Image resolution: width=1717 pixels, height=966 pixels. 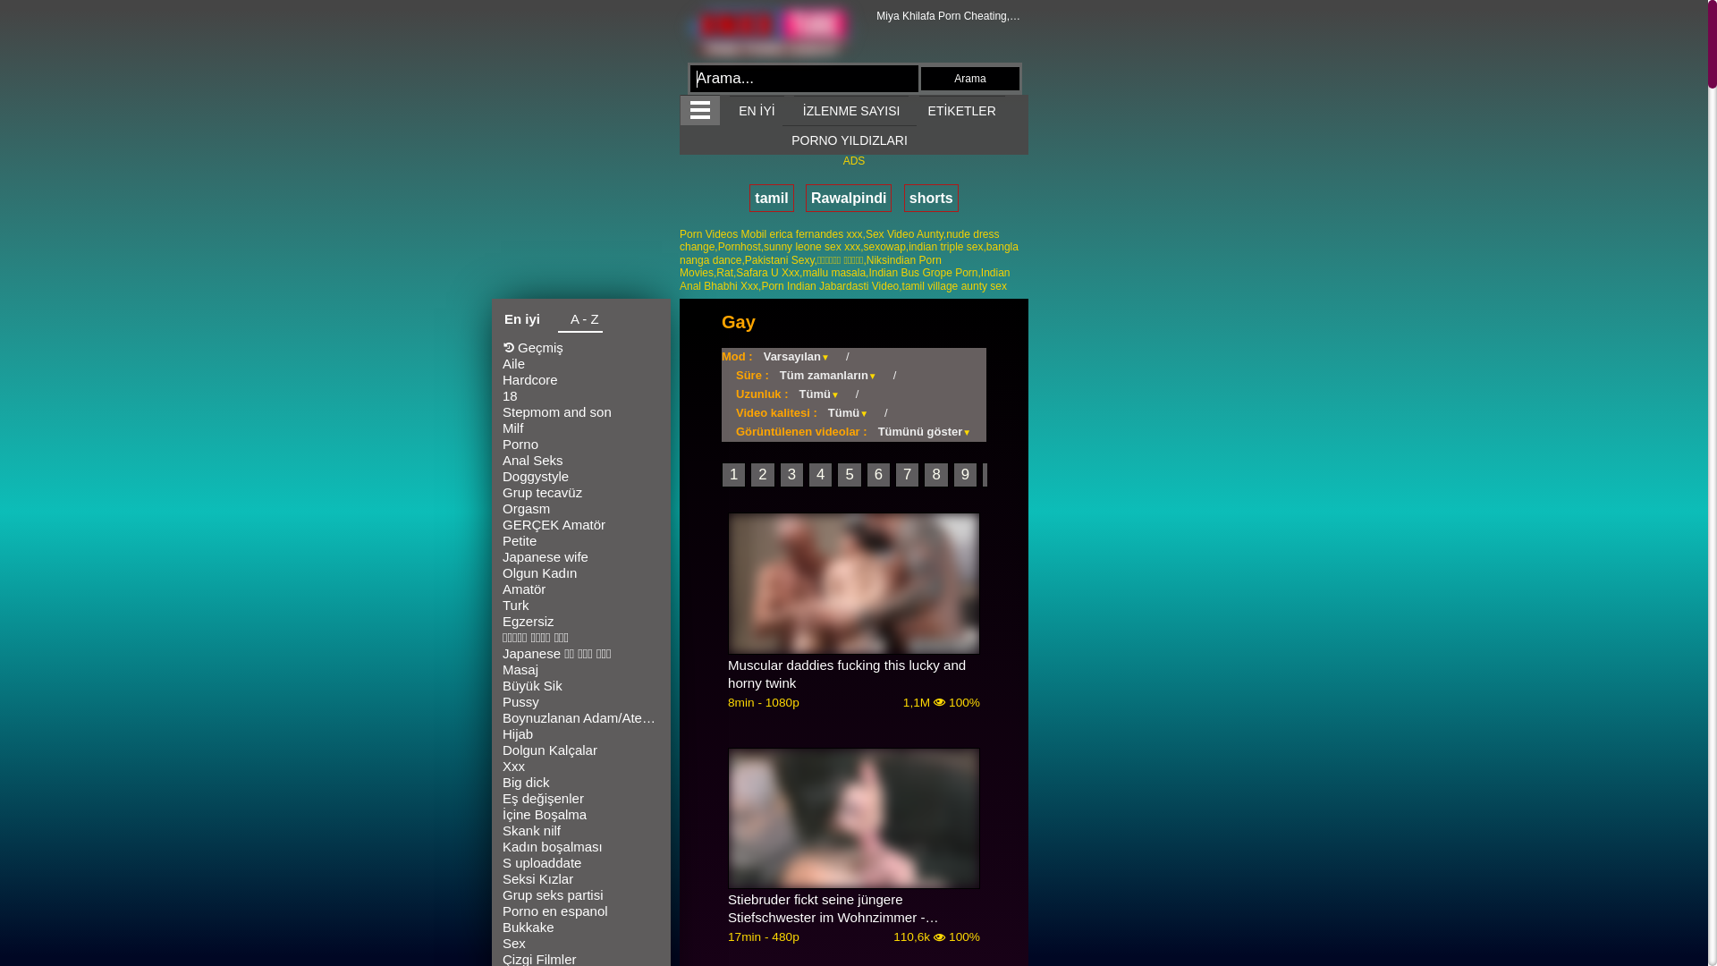 I want to click on 'Hijab', so click(x=580, y=734).